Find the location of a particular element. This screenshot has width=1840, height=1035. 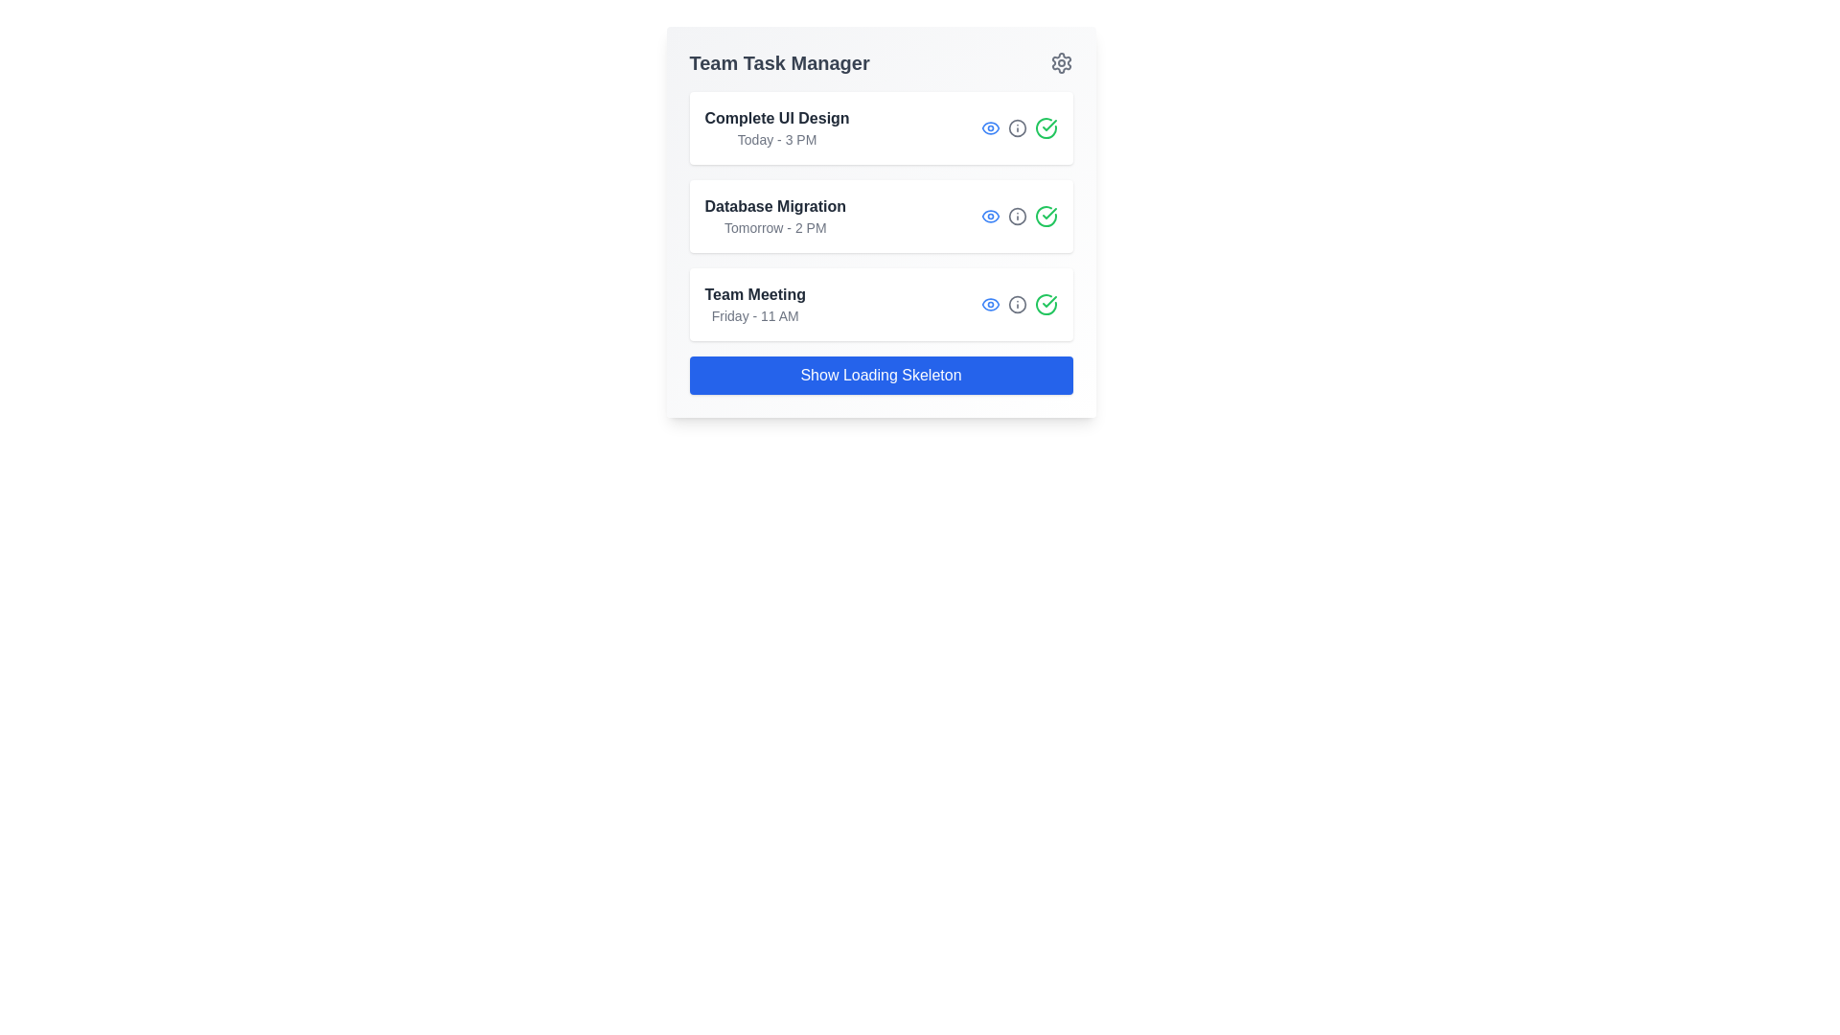

the completion icon for the 'Team Meeting' task in the 'Team Task Manager' card, which is the third icon on the right side of the row is located at coordinates (1045, 303).